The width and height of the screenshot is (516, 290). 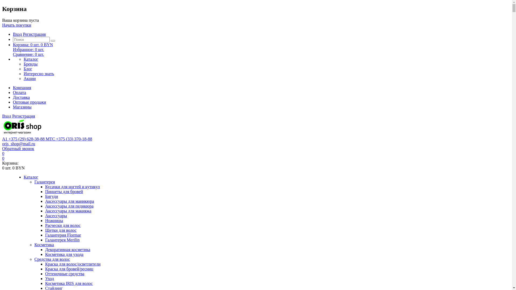 I want to click on '0', so click(x=3, y=158).